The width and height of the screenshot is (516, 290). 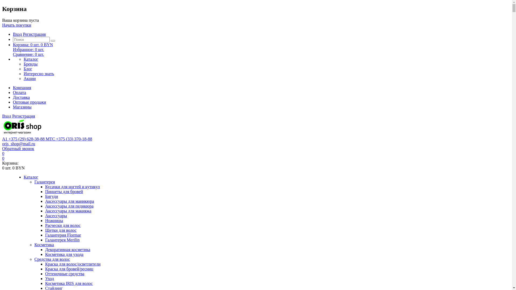 I want to click on '0', so click(x=3, y=158).